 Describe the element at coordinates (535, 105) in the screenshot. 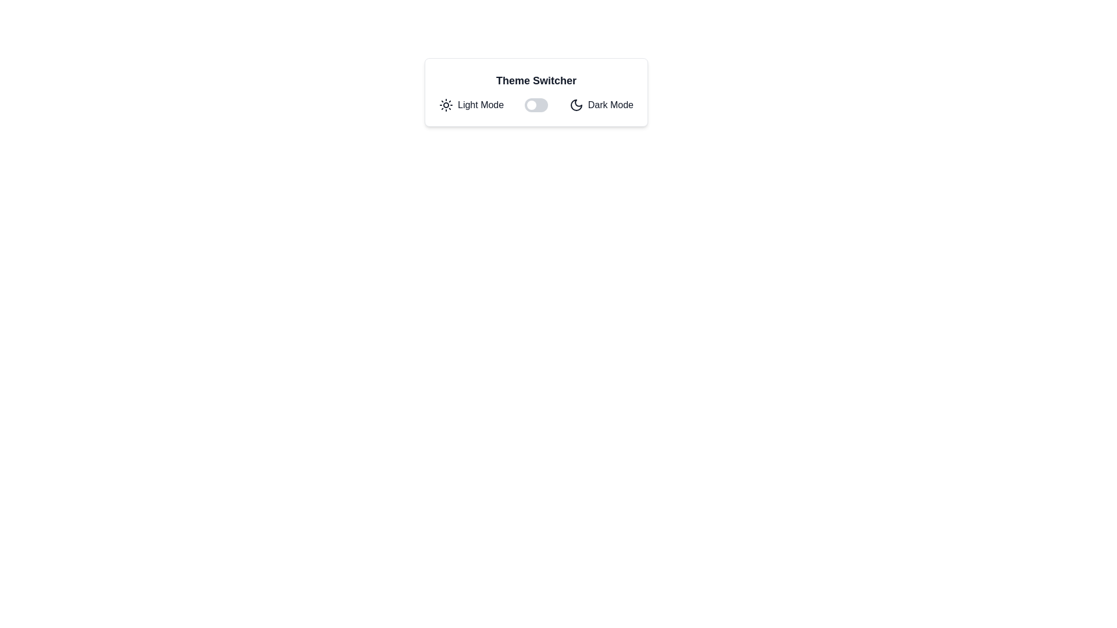

I see `the horizontal switch labeled 'Theme Switcher' that toggles between Light Mode and Dark Mode for contextual information` at that location.